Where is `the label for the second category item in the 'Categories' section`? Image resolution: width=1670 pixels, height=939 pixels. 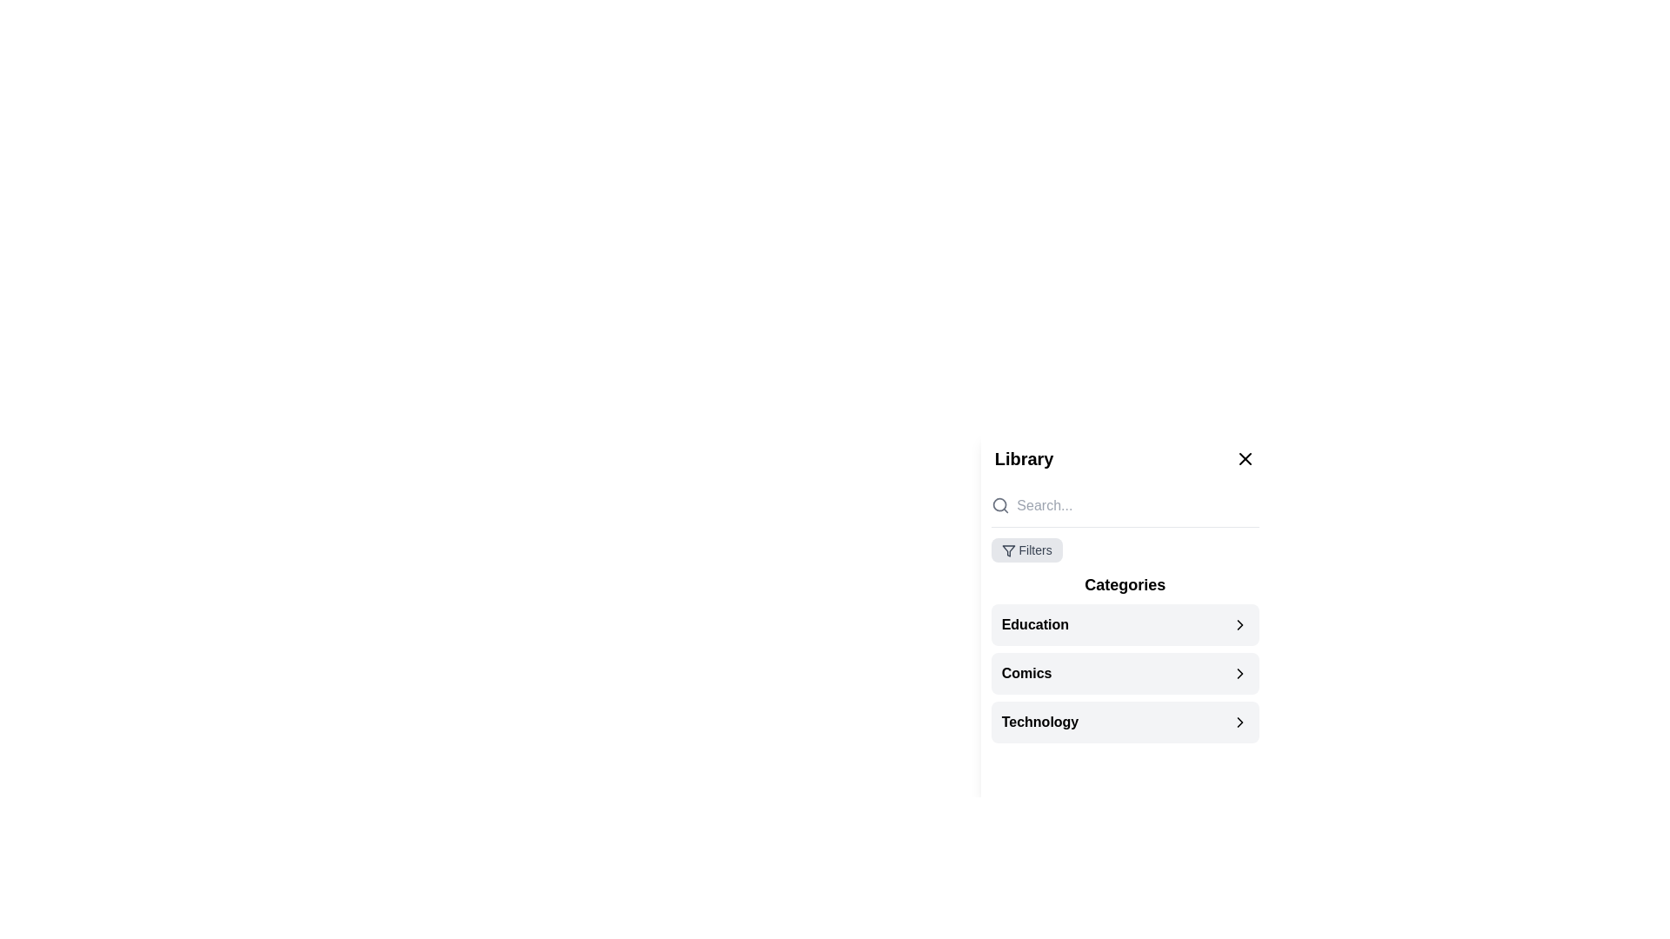
the label for the second category item in the 'Categories' section is located at coordinates (1026, 673).